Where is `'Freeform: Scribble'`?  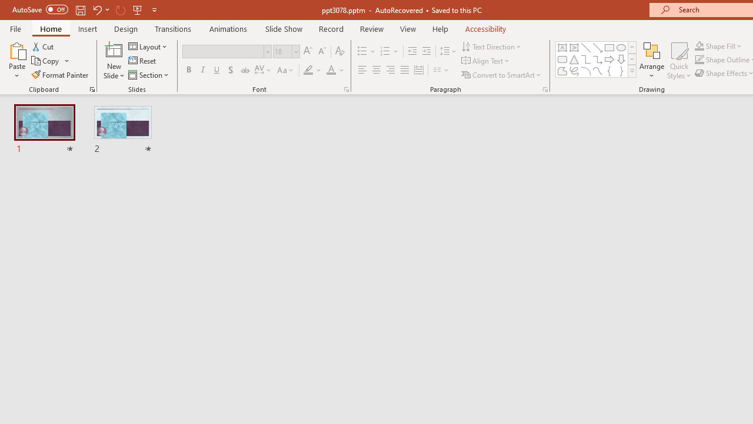 'Freeform: Scribble' is located at coordinates (574, 71).